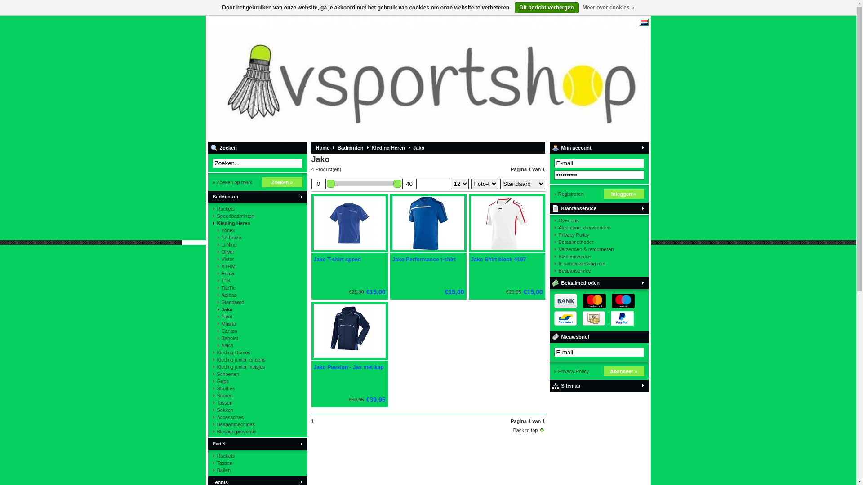 This screenshot has height=485, width=863. What do you see at coordinates (256, 280) in the screenshot?
I see `'TTK'` at bounding box center [256, 280].